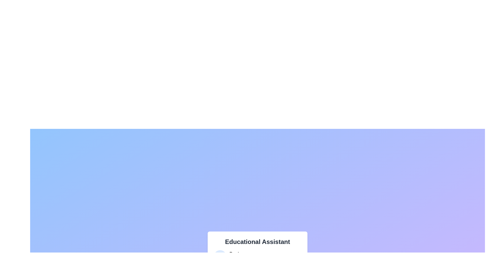  I want to click on the text label at the top of the white card with rounded corners, so click(257, 242).